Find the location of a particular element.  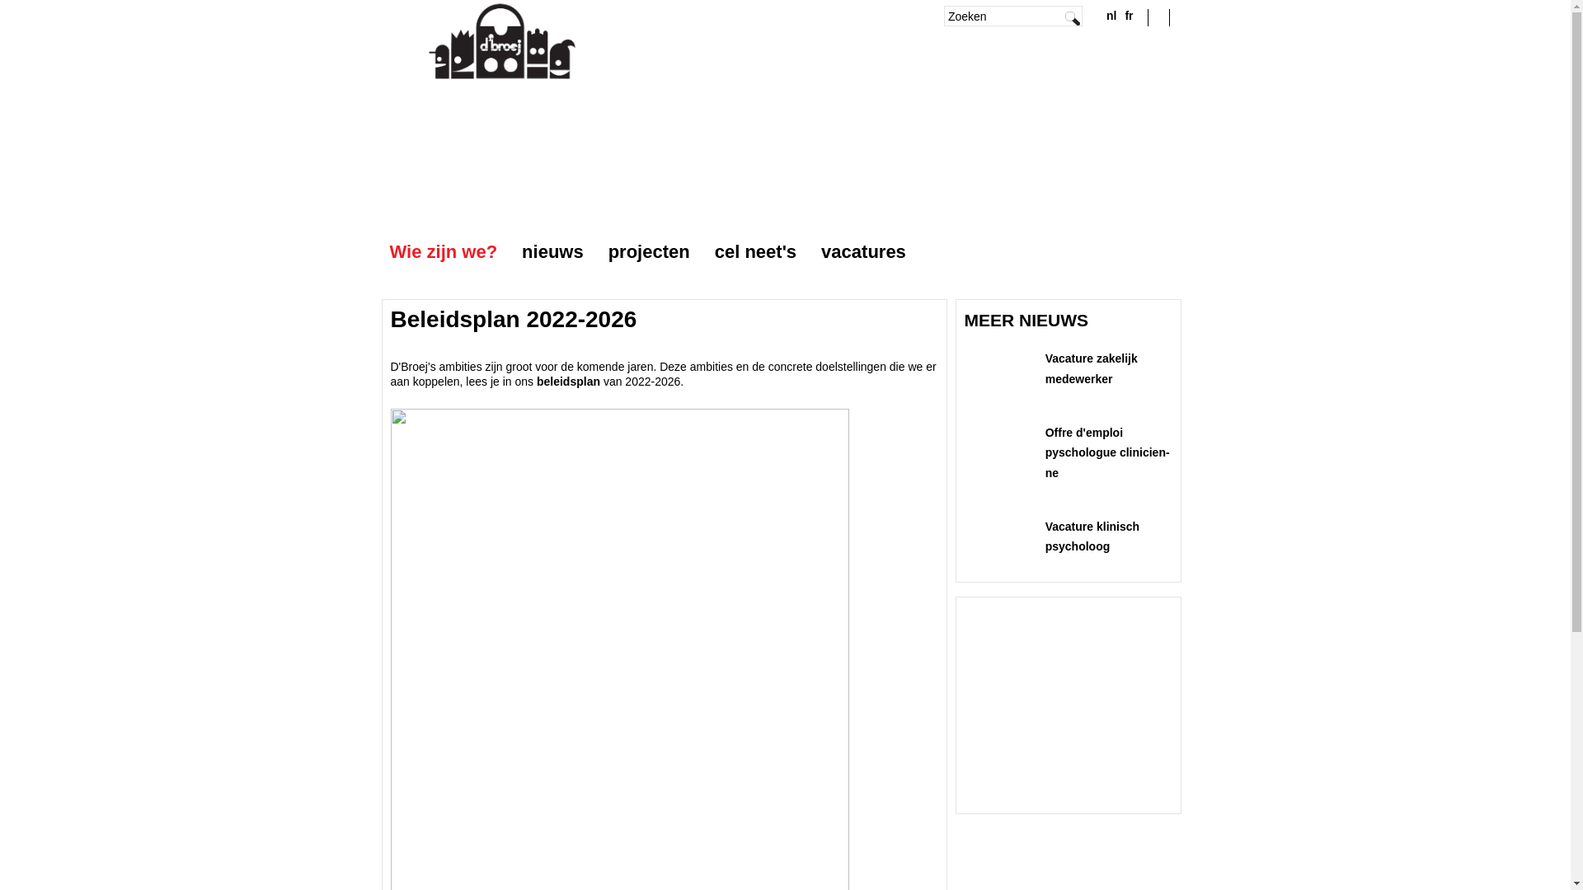

'MEER NIEUWS' is located at coordinates (1026, 319).